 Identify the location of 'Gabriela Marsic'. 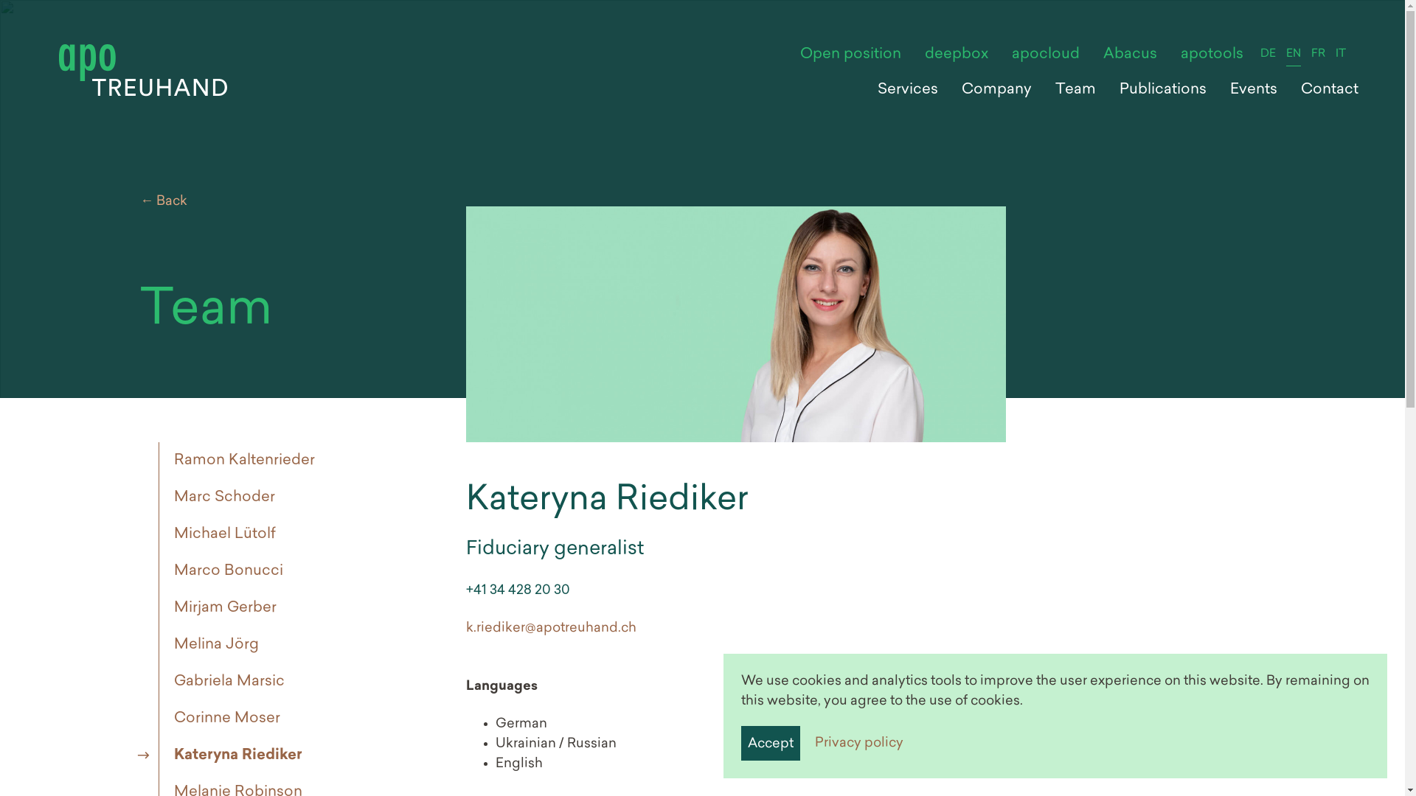
(224, 682).